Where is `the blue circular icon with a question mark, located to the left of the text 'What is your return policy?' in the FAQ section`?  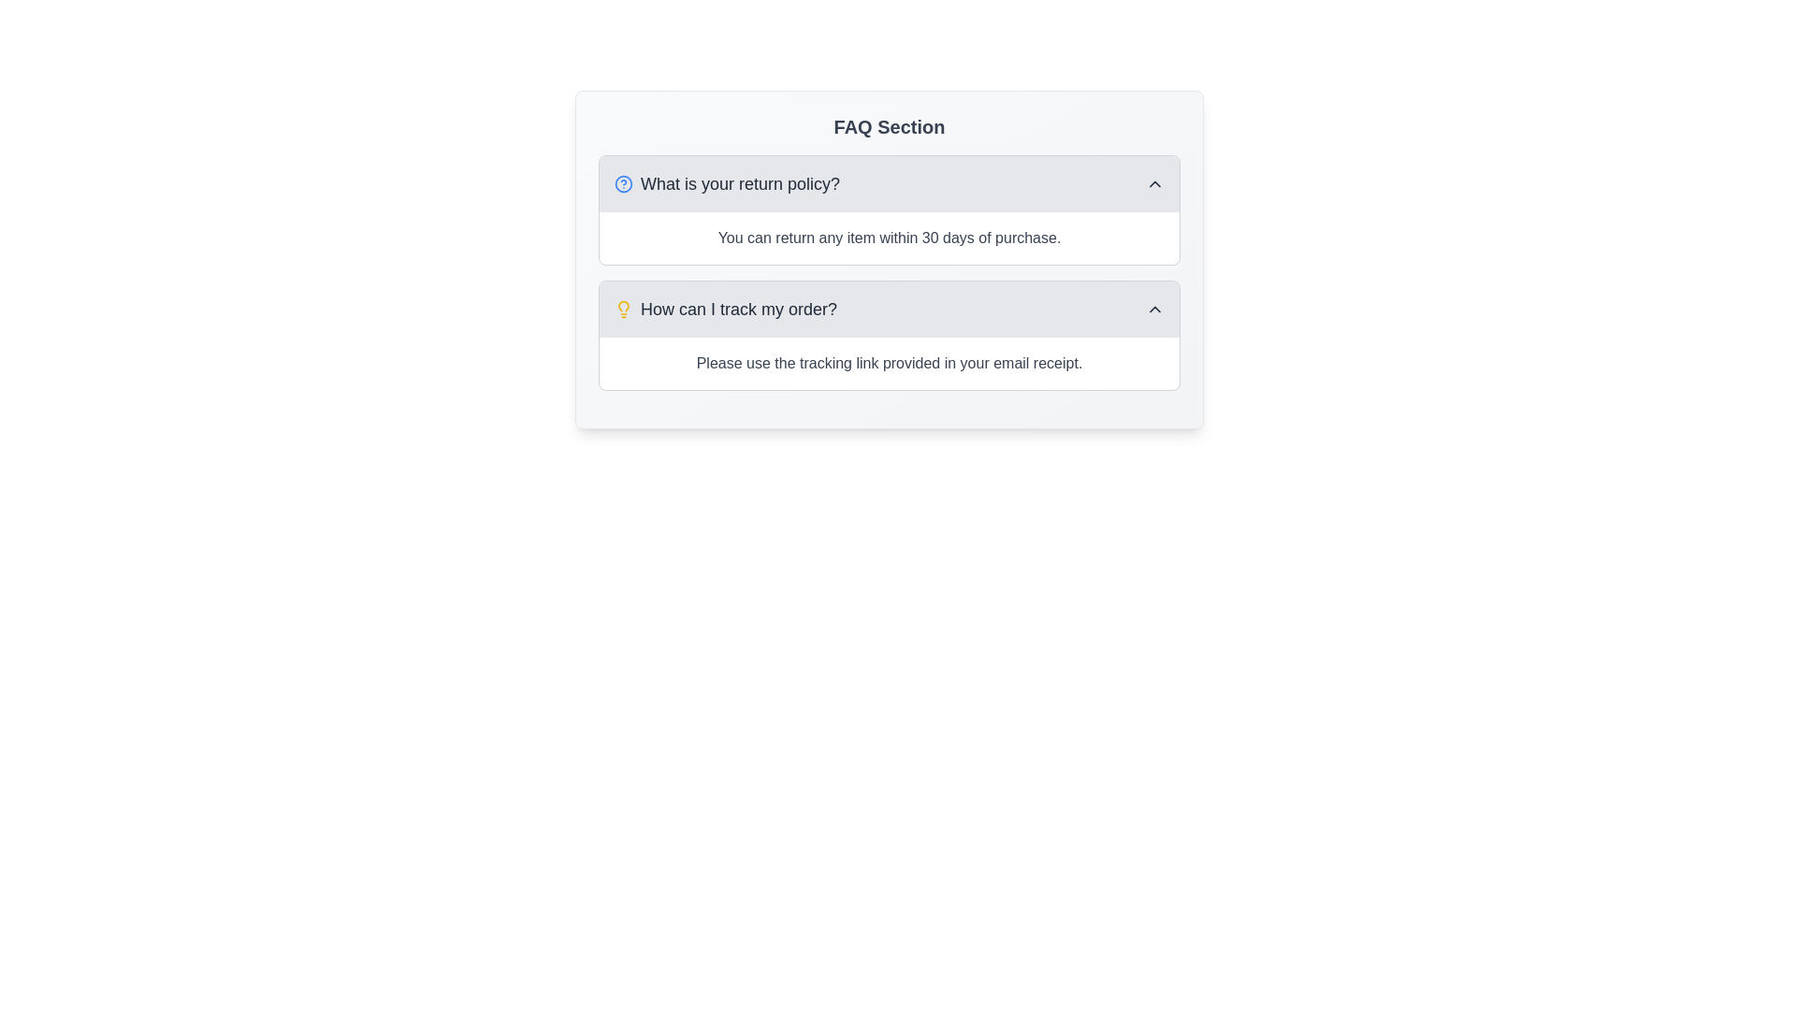 the blue circular icon with a question mark, located to the left of the text 'What is your return policy?' in the FAQ section is located at coordinates (624, 183).